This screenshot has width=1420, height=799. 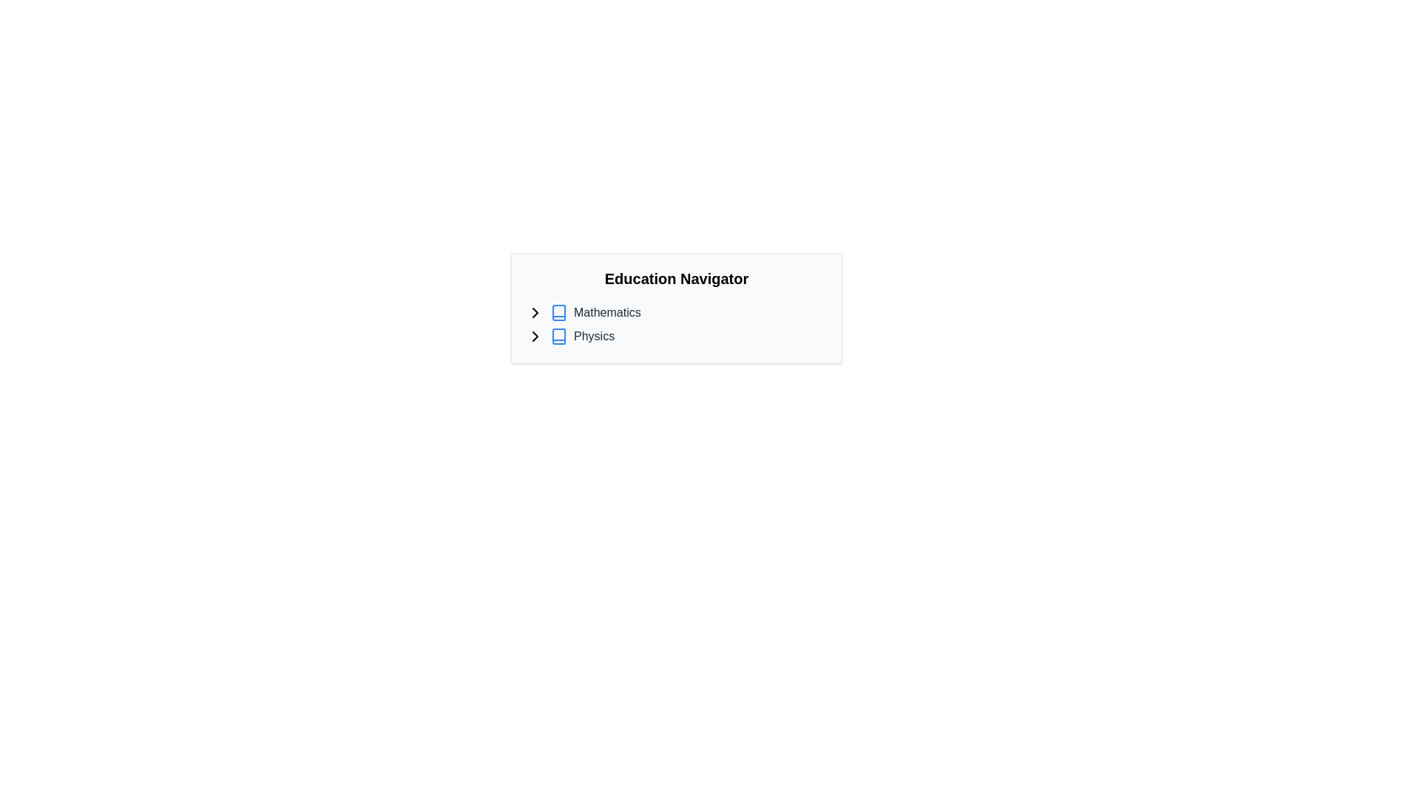 What do you see at coordinates (558, 312) in the screenshot?
I see `the icon representing 'Mathematics', which is located to the left of the label text 'Mathematics' and follows an arrow-like icon in the layout` at bounding box center [558, 312].